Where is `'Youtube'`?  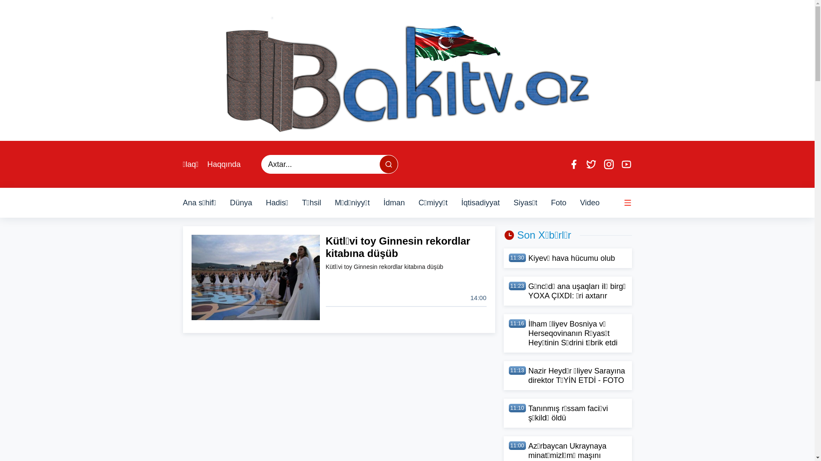 'Youtube' is located at coordinates (626, 164).